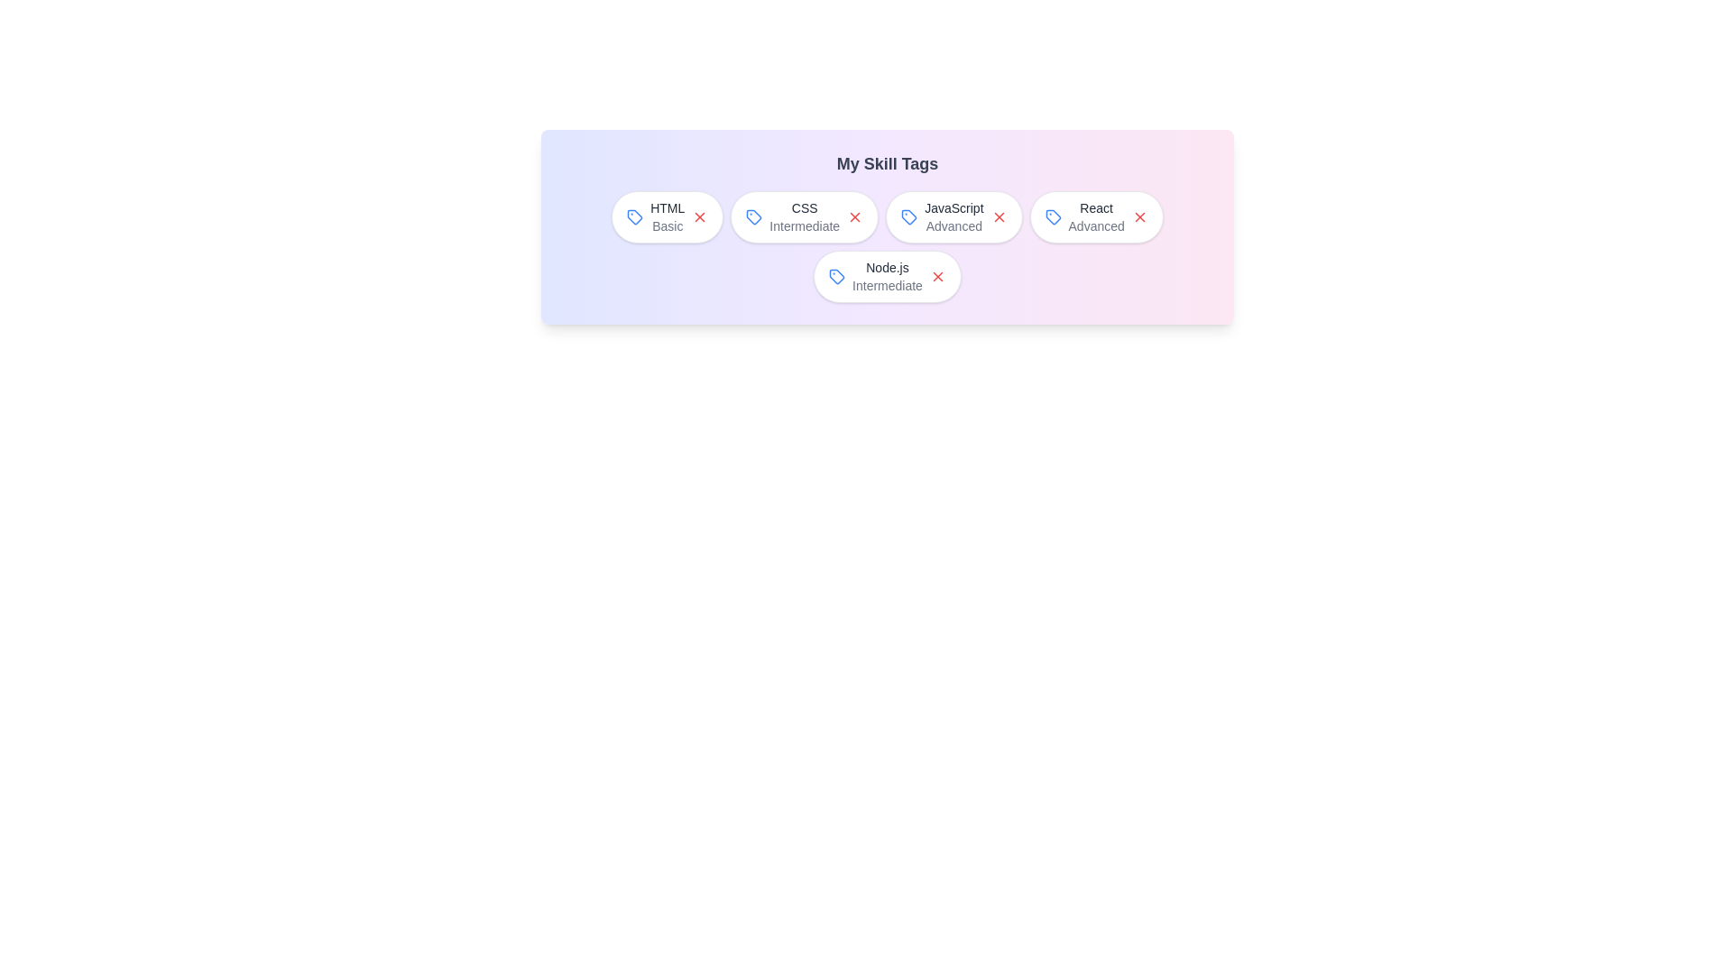 This screenshot has width=1732, height=974. I want to click on the skill label CSS to select it, so click(804, 216).